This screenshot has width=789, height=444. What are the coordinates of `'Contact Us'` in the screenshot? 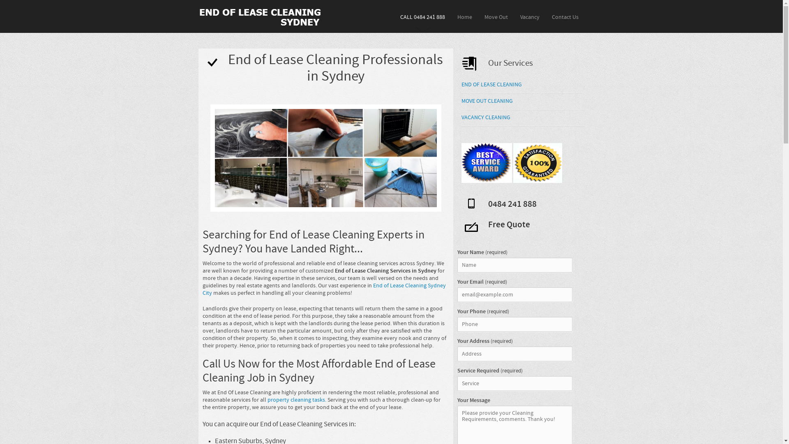 It's located at (565, 16).